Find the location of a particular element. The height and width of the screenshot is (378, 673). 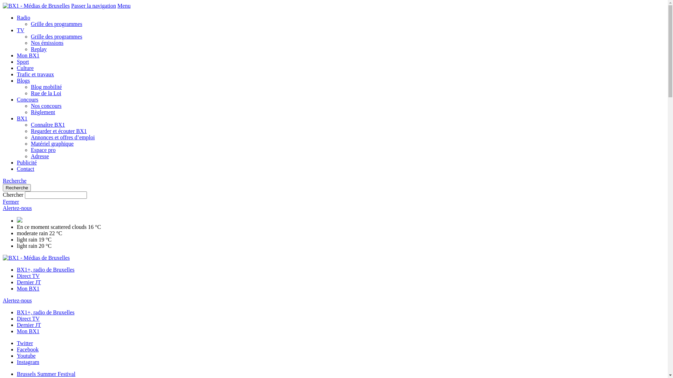

'Alertez-nous' is located at coordinates (17, 208).